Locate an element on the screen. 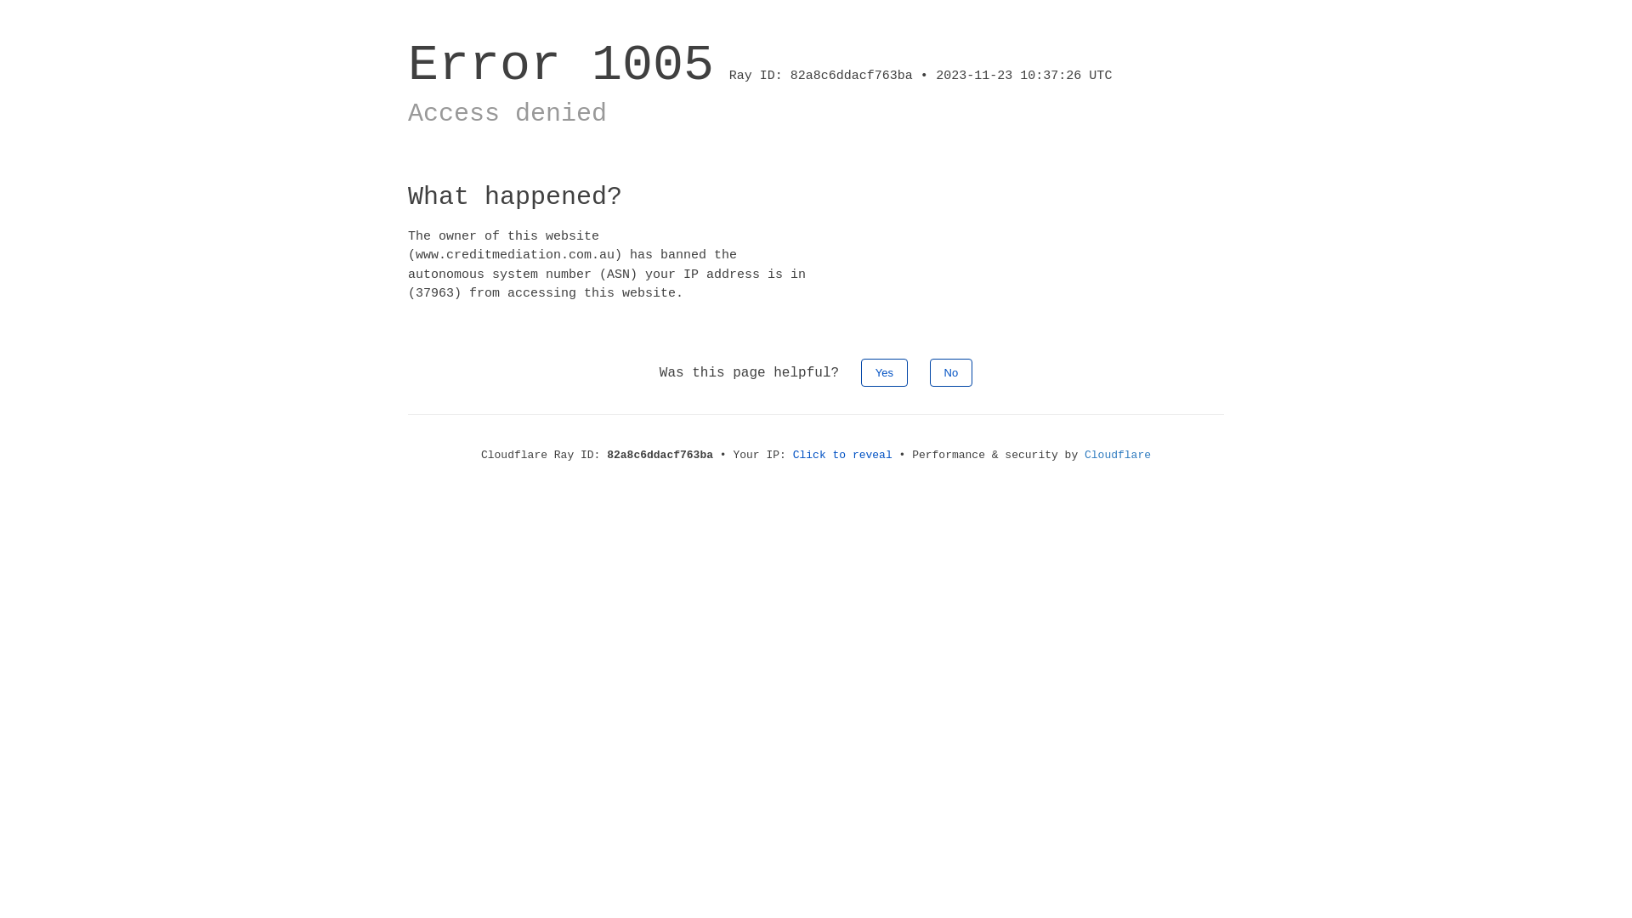 The width and height of the screenshot is (1632, 918). 'Cloudflare' is located at coordinates (1118, 454).